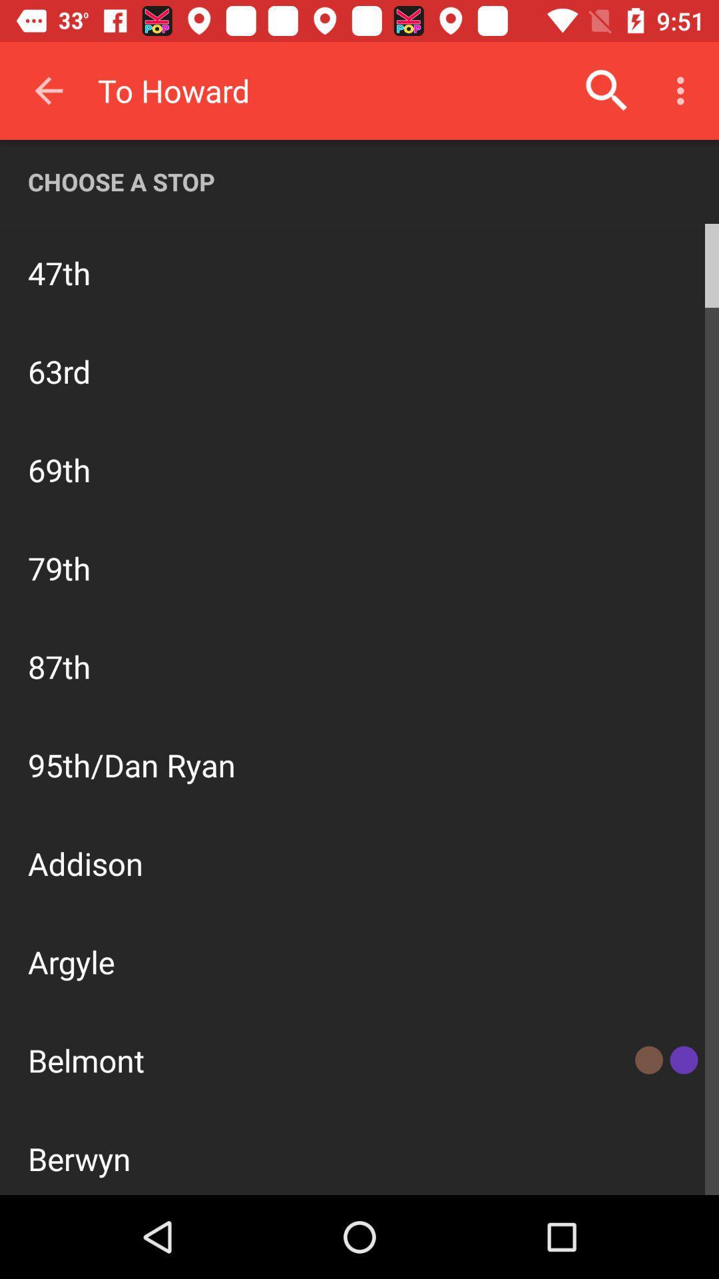 This screenshot has height=1279, width=719. I want to click on item next to the north bound item, so click(641, 271).